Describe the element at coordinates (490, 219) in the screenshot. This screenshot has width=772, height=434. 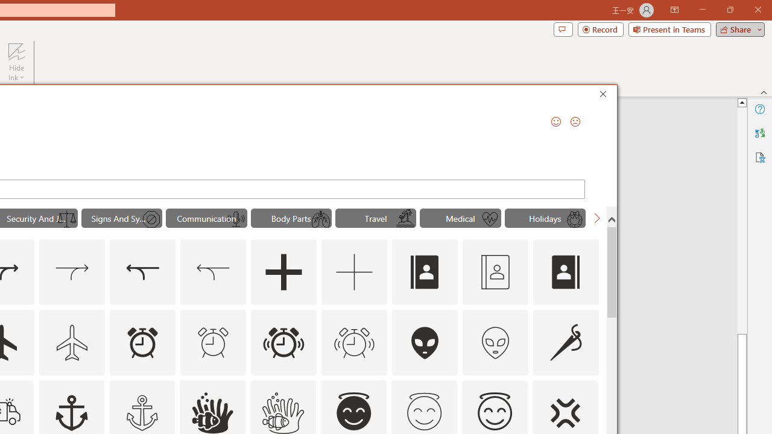
I see `'AutomationID: Icons_HeartWithPulse_M'` at that location.